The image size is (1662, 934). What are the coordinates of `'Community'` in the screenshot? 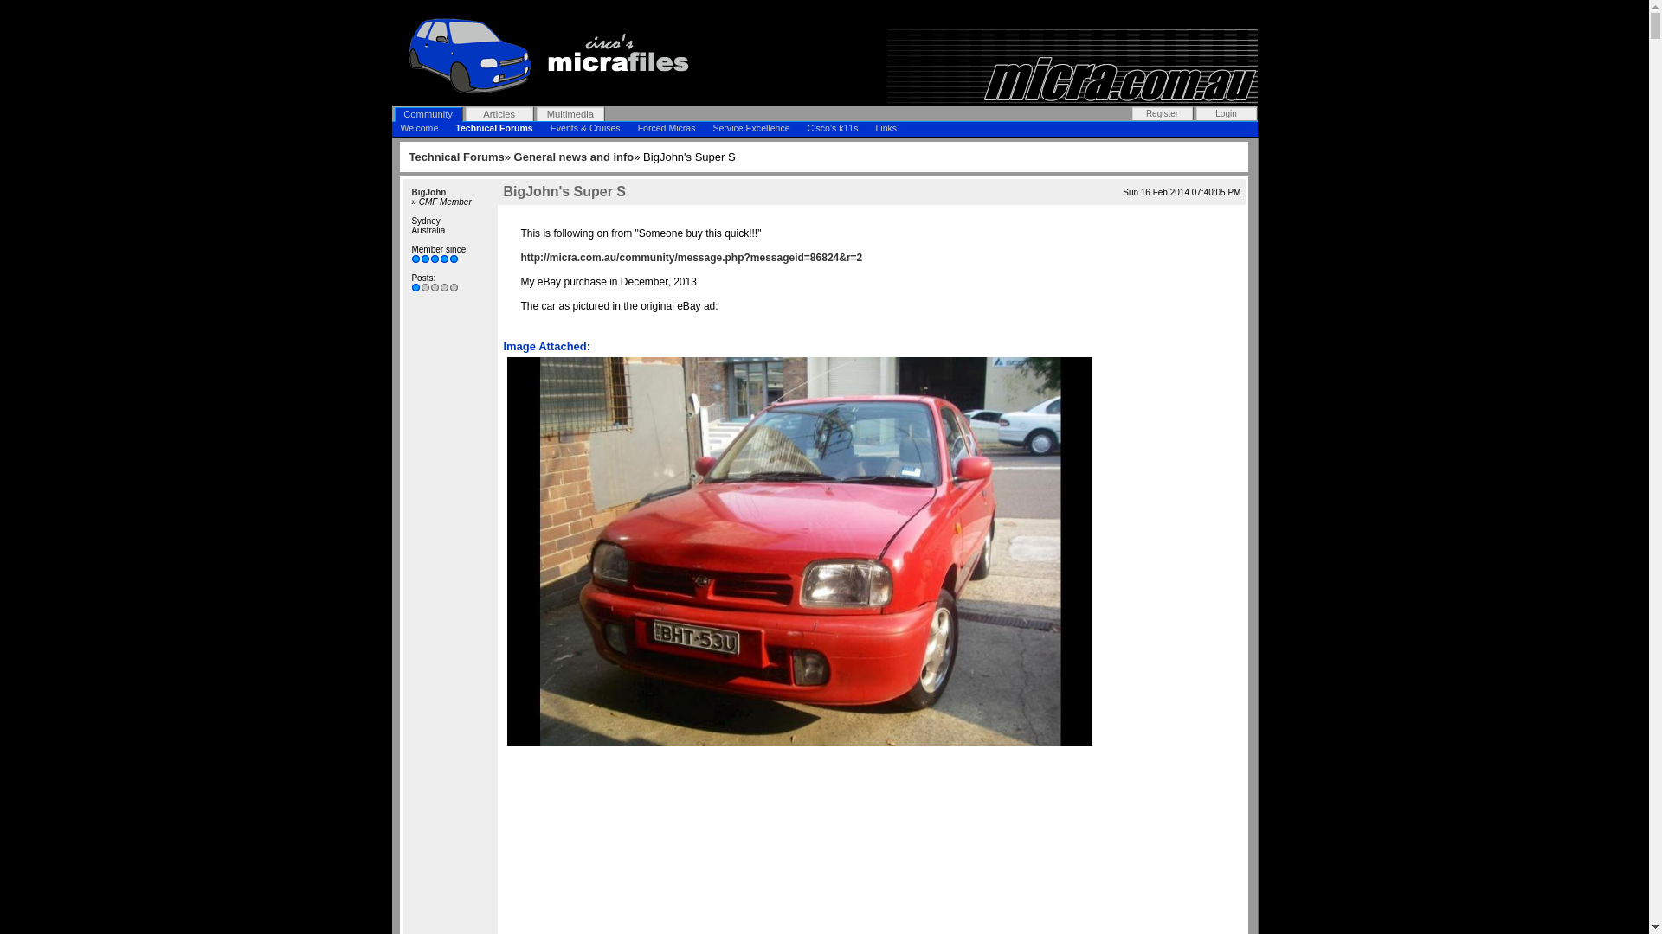 It's located at (394, 114).